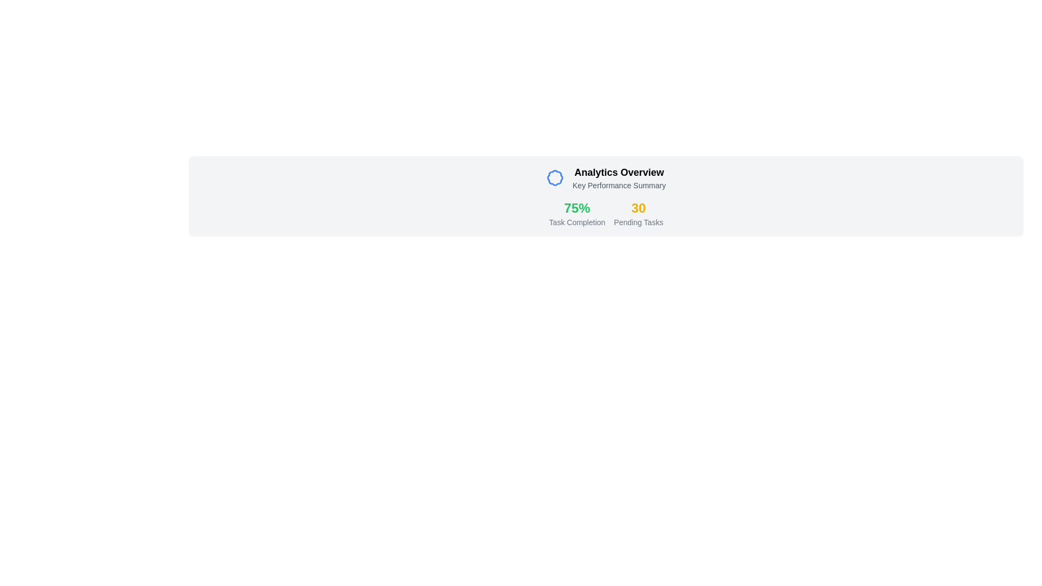 The image size is (1042, 586). What do you see at coordinates (555, 177) in the screenshot?
I see `the decorative Vector graphic icon located to the left of the text 'Analytics Overview'` at bounding box center [555, 177].